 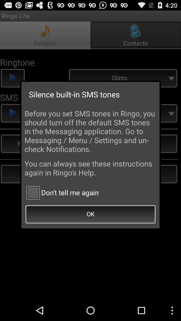 I want to click on item at the bottom, so click(x=90, y=214).